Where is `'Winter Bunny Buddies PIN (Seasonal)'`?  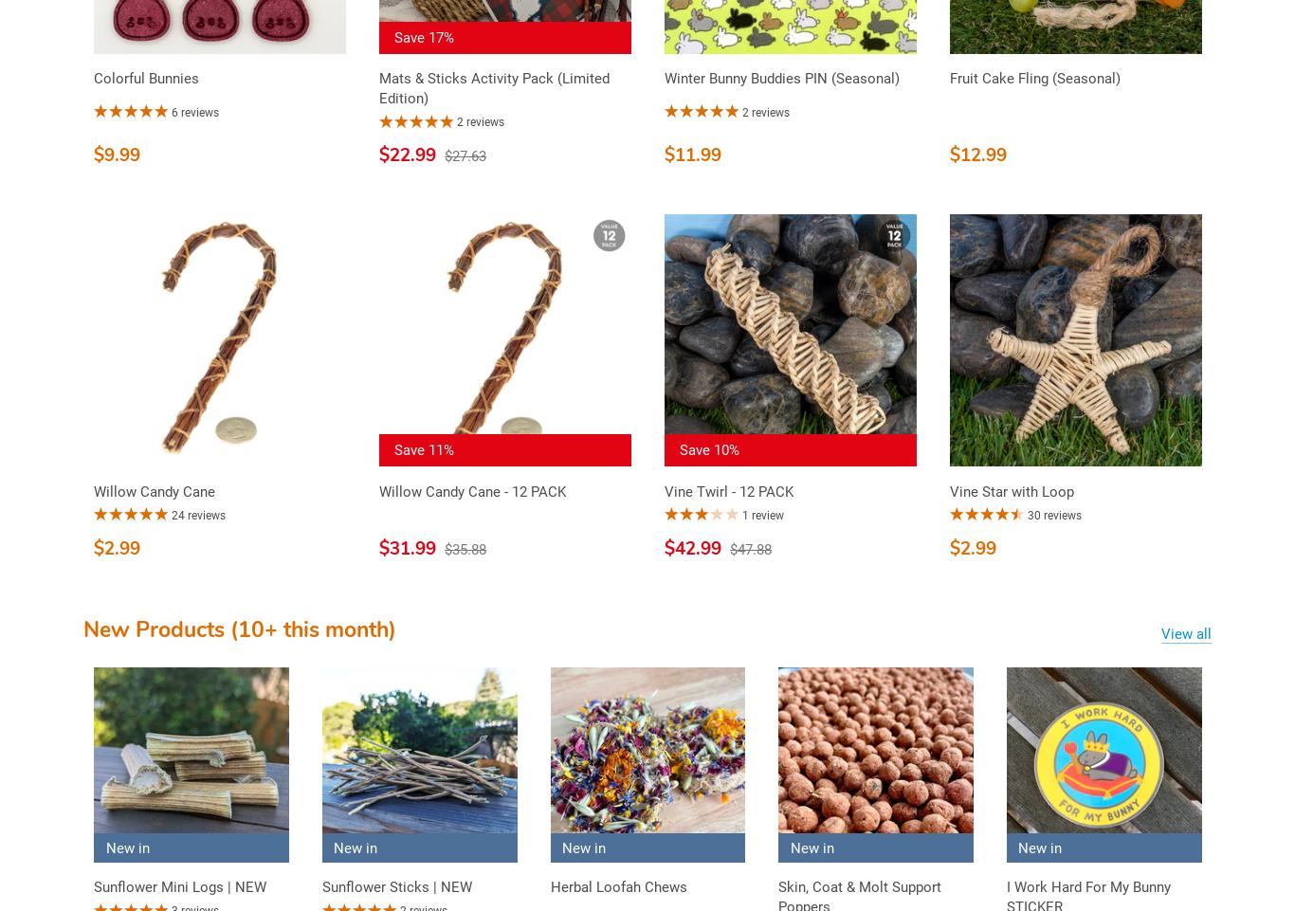 'Winter Bunny Buddies PIN (Seasonal)' is located at coordinates (779, 79).